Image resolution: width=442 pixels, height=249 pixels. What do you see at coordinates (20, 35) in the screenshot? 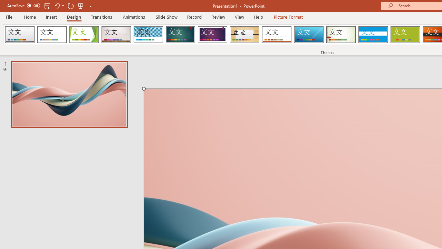
I see `'AfterglowVTI'` at bounding box center [20, 35].